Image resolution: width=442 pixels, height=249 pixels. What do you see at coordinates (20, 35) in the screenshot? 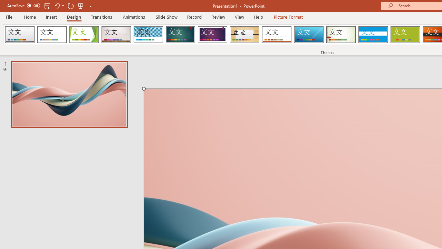
I see `'AfterglowVTI'` at bounding box center [20, 35].